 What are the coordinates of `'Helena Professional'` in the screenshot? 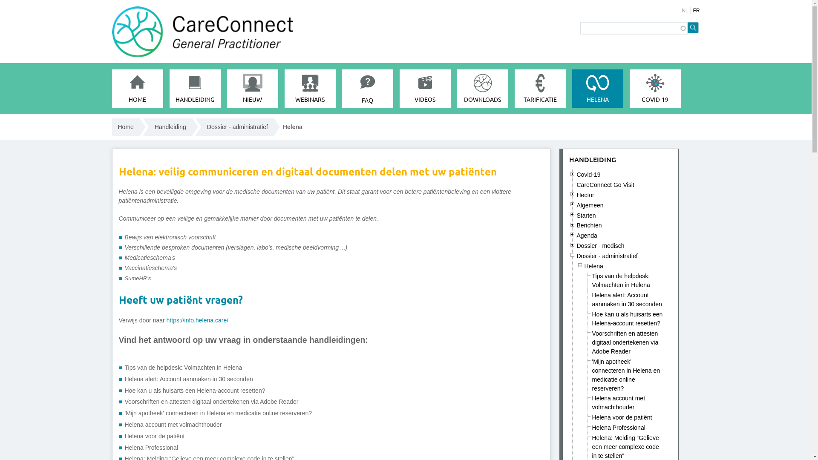 It's located at (151, 447).